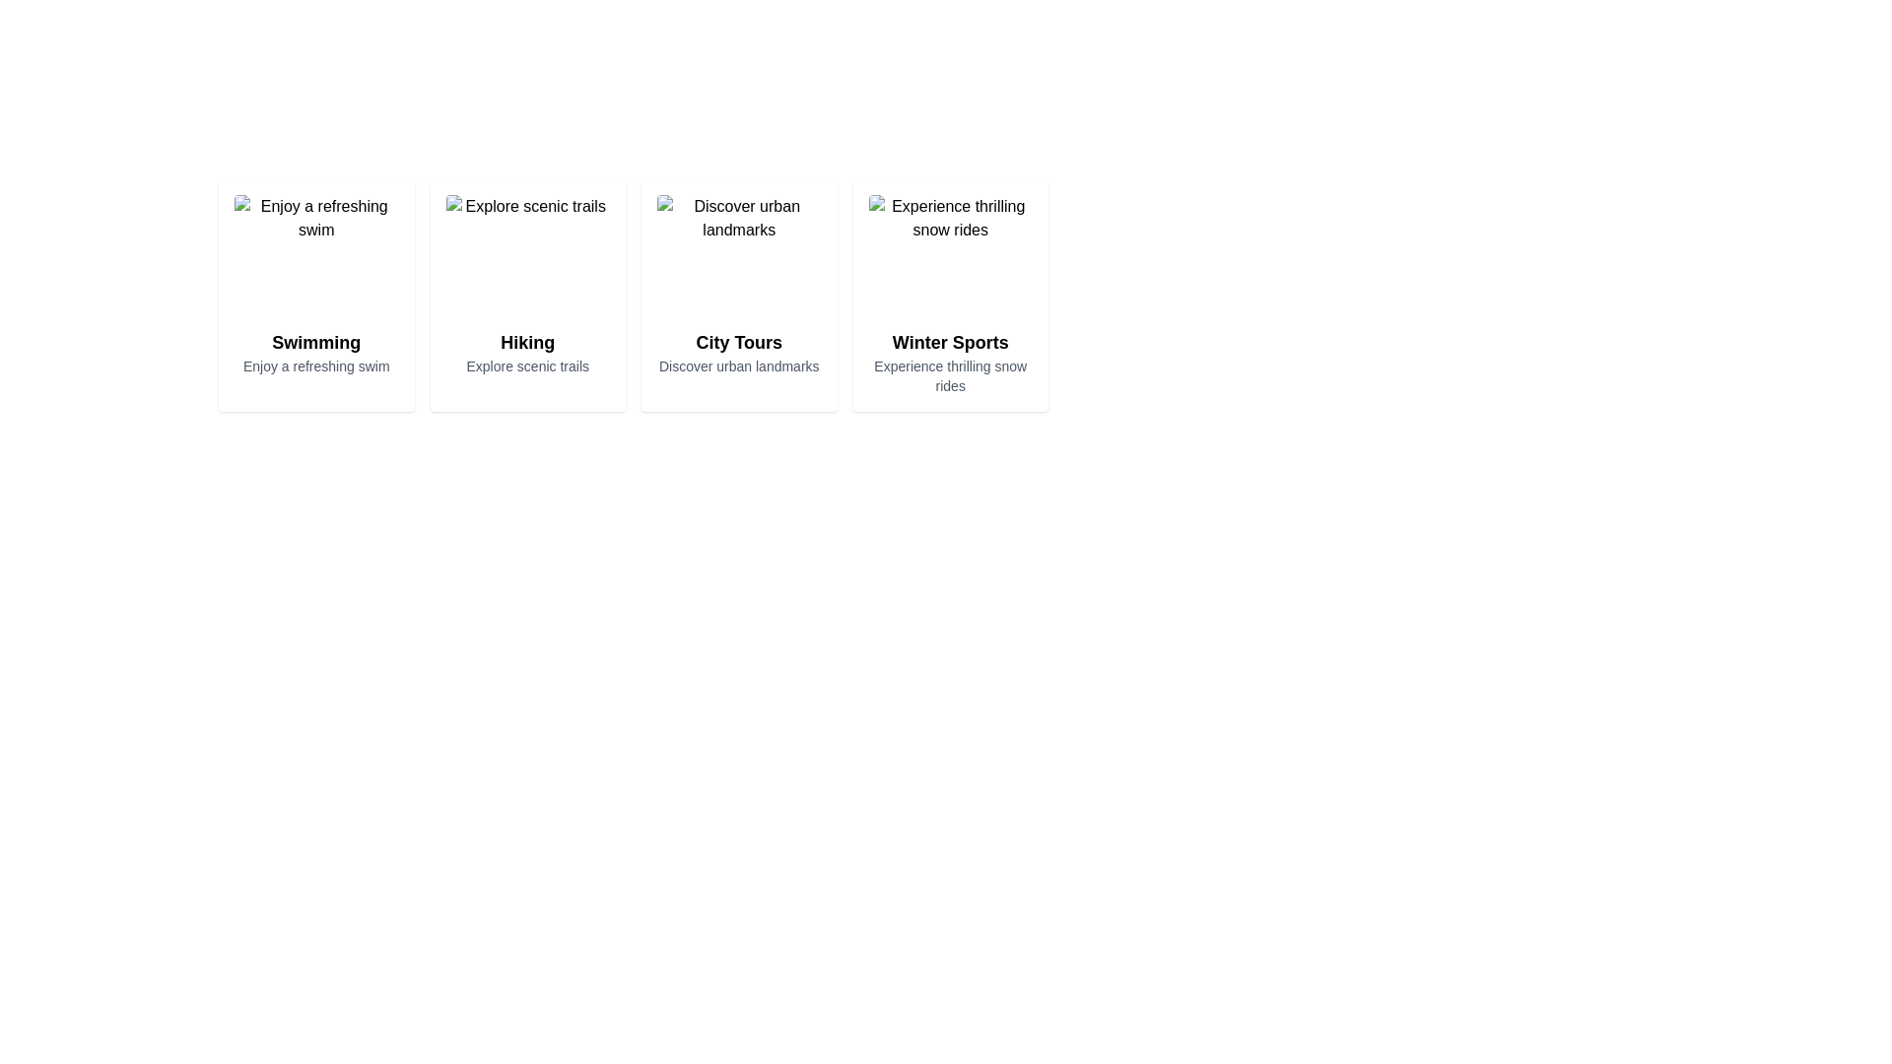 The height and width of the screenshot is (1064, 1892). What do you see at coordinates (950, 375) in the screenshot?
I see `the smaller, gray text label beneath the 'Winter Sports' title in the fourth card of a horizontal card layout` at bounding box center [950, 375].